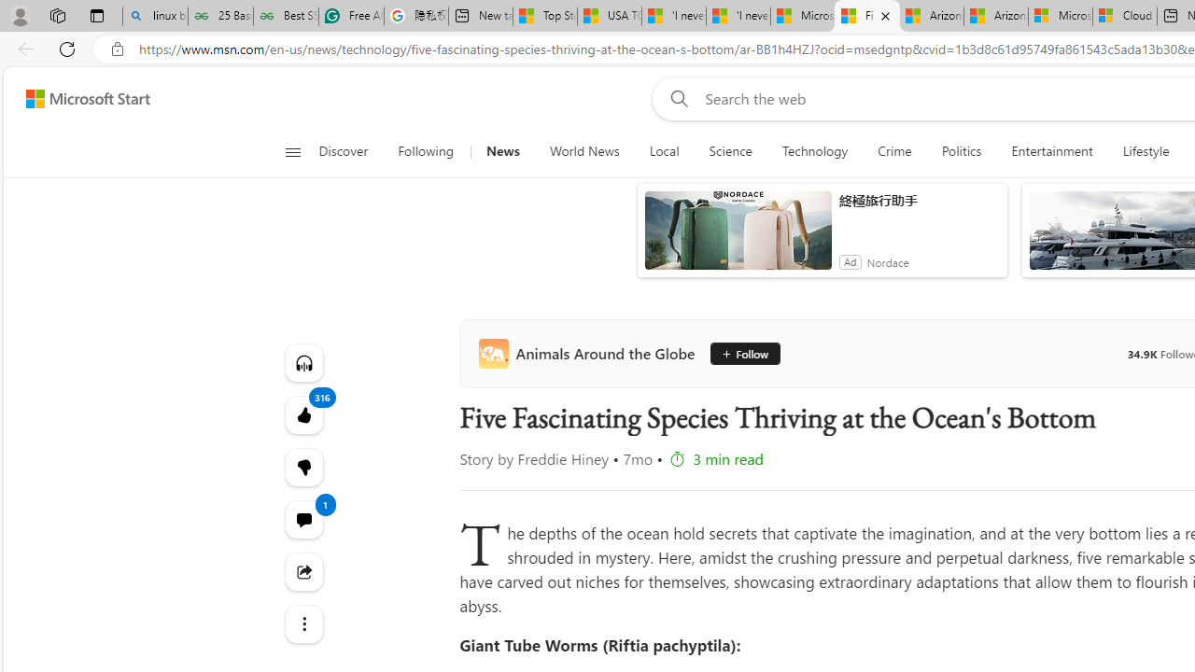  What do you see at coordinates (664, 151) in the screenshot?
I see `'Local'` at bounding box center [664, 151].